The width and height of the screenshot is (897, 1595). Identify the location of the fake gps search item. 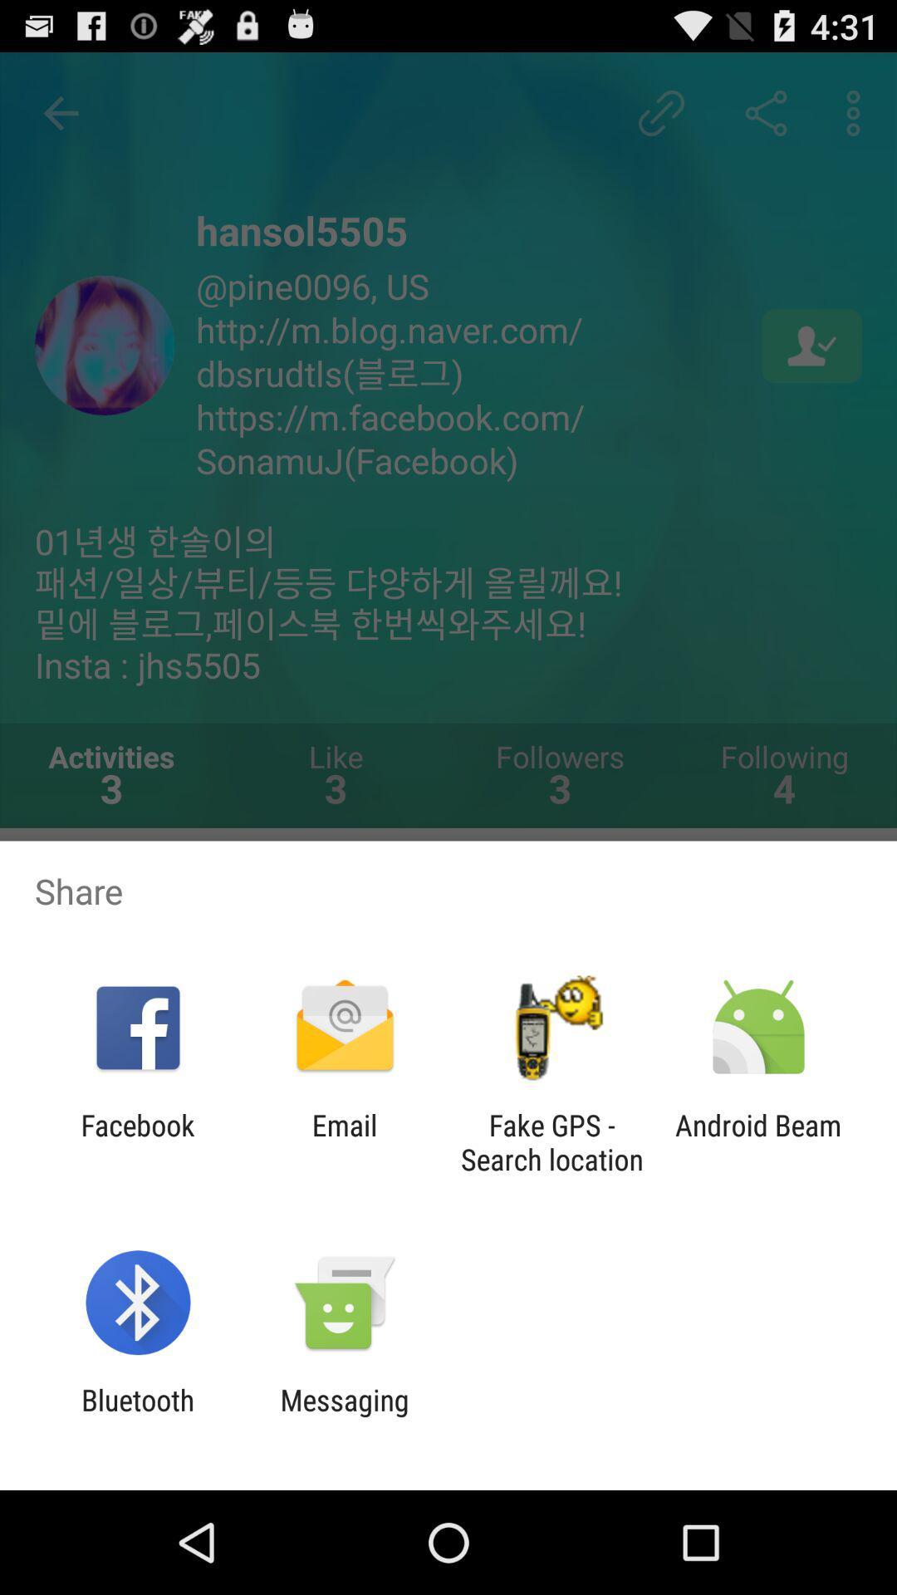
(551, 1141).